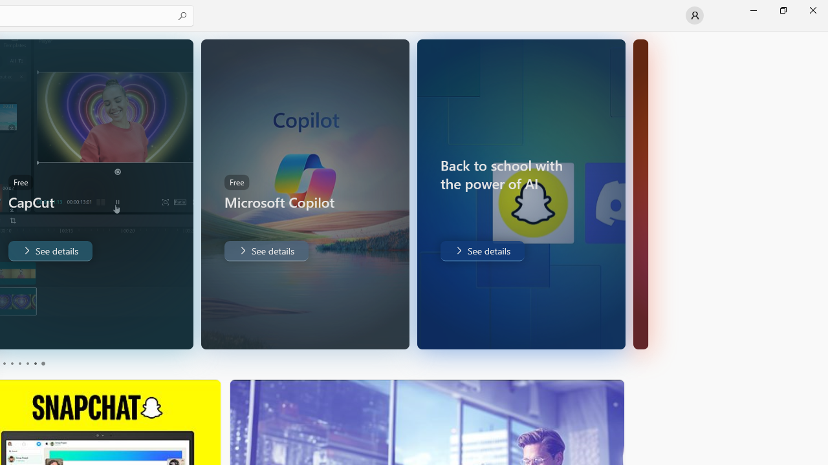  Describe the element at coordinates (782, 10) in the screenshot. I see `'Restore Microsoft Store'` at that location.